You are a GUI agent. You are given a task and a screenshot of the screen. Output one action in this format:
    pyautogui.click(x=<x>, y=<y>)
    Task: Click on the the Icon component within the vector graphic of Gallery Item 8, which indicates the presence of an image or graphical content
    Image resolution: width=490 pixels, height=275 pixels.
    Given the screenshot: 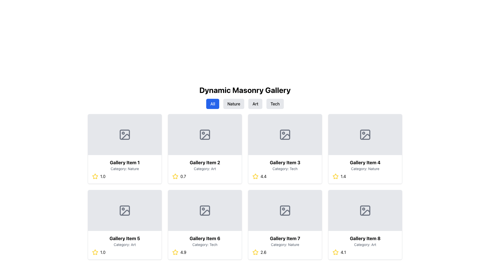 What is the action you would take?
    pyautogui.click(x=366, y=212)
    